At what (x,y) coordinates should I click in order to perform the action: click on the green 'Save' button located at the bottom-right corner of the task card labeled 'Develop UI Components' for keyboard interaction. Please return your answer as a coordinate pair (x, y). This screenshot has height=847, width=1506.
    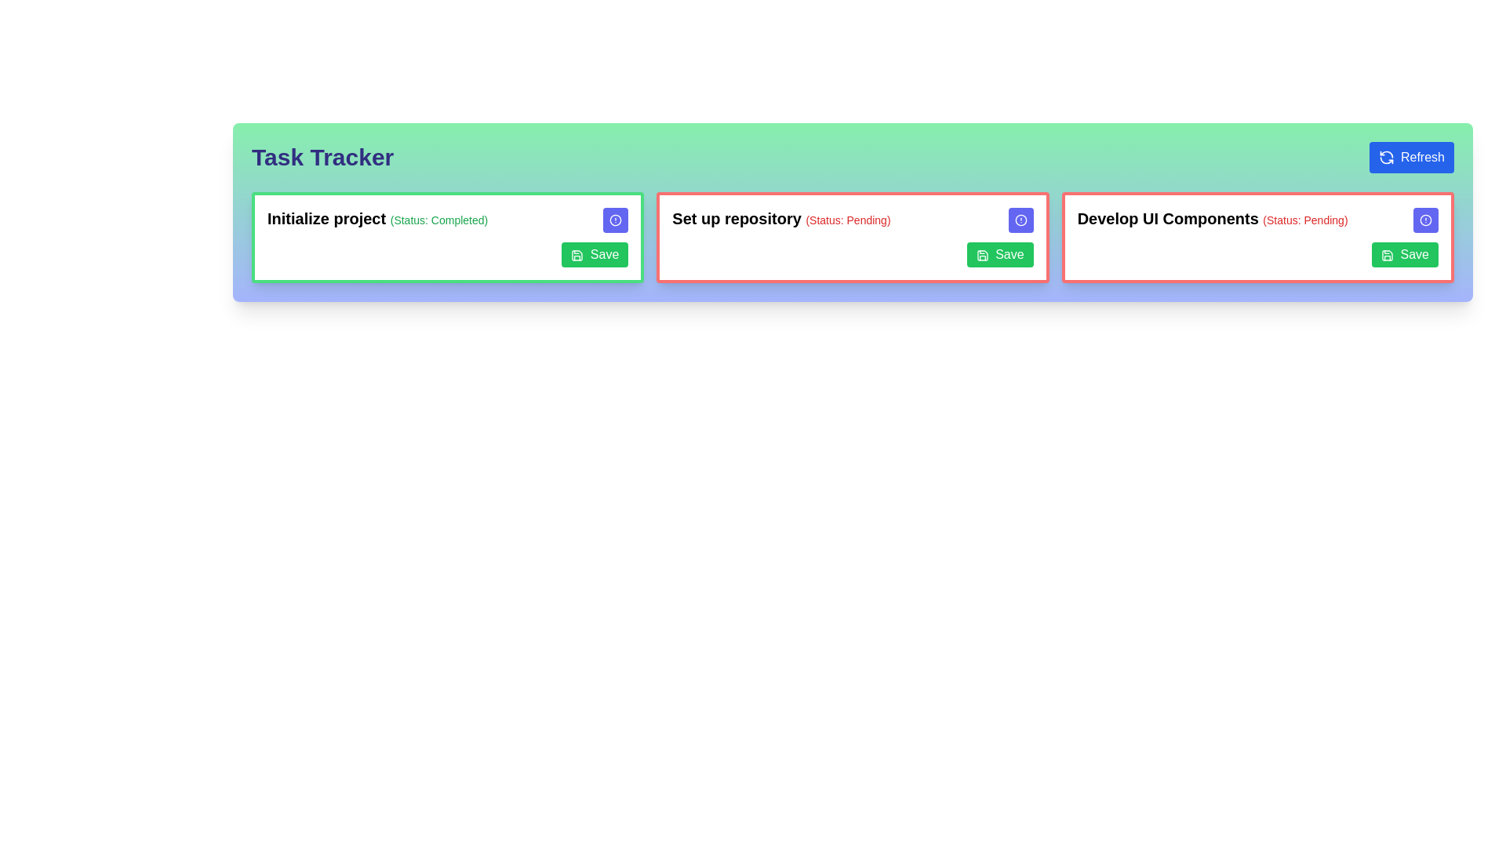
    Looking at the image, I should click on (1405, 253).